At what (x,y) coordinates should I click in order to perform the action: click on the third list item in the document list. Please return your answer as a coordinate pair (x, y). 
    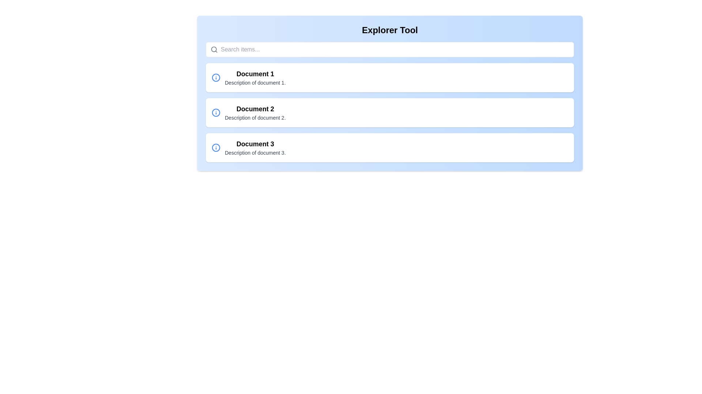
    Looking at the image, I should click on (255, 148).